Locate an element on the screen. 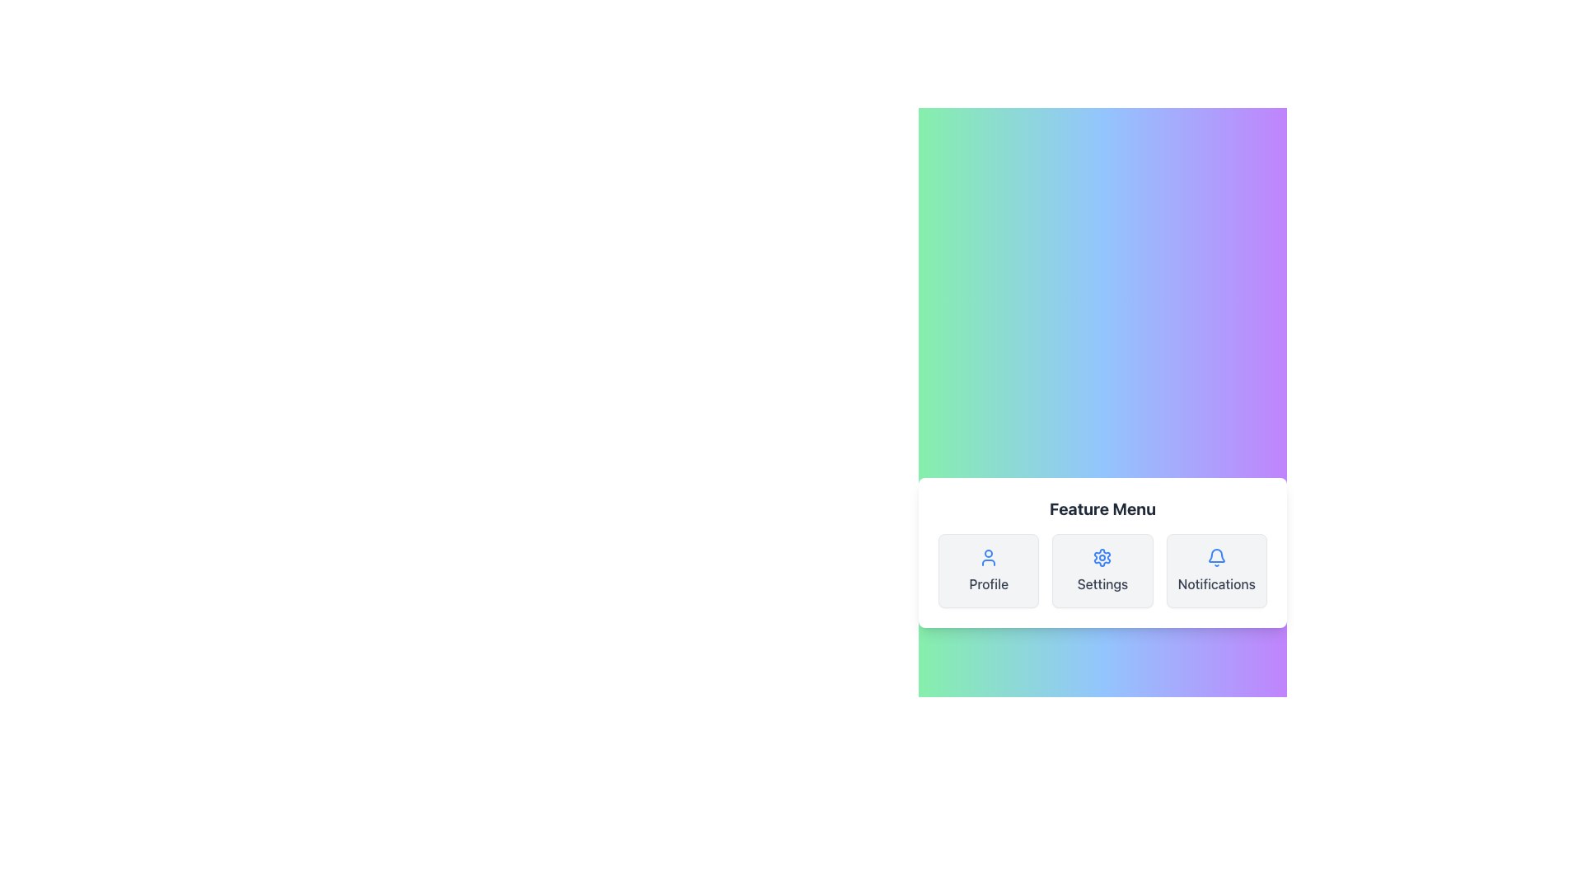 The height and width of the screenshot is (890, 1582). the blue gear-shaped icon within the 'Settings' button is located at coordinates (1102, 557).